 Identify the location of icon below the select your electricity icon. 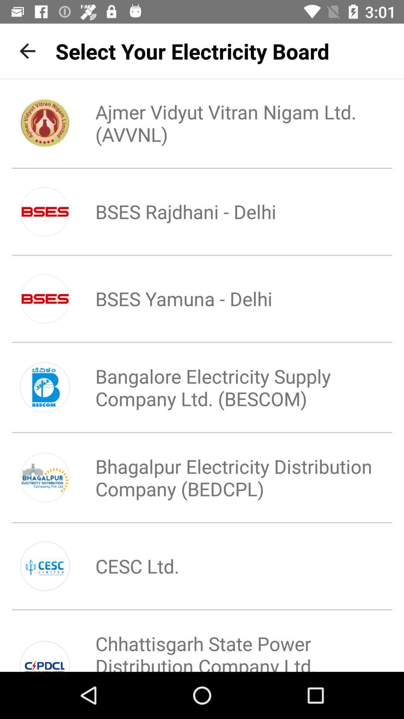
(227, 123).